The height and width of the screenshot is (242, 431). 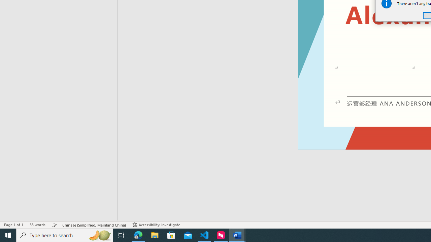 I want to click on 'Microsoft Store', so click(x=171, y=235).